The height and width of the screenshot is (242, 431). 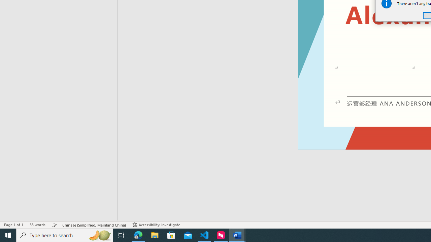 I want to click on 'Microsoft Store', so click(x=171, y=235).